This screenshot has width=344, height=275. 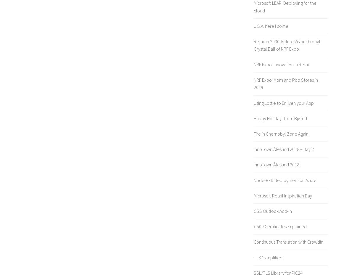 What do you see at coordinates (253, 102) in the screenshot?
I see `'Using Lottie to Enliven your App'` at bounding box center [253, 102].